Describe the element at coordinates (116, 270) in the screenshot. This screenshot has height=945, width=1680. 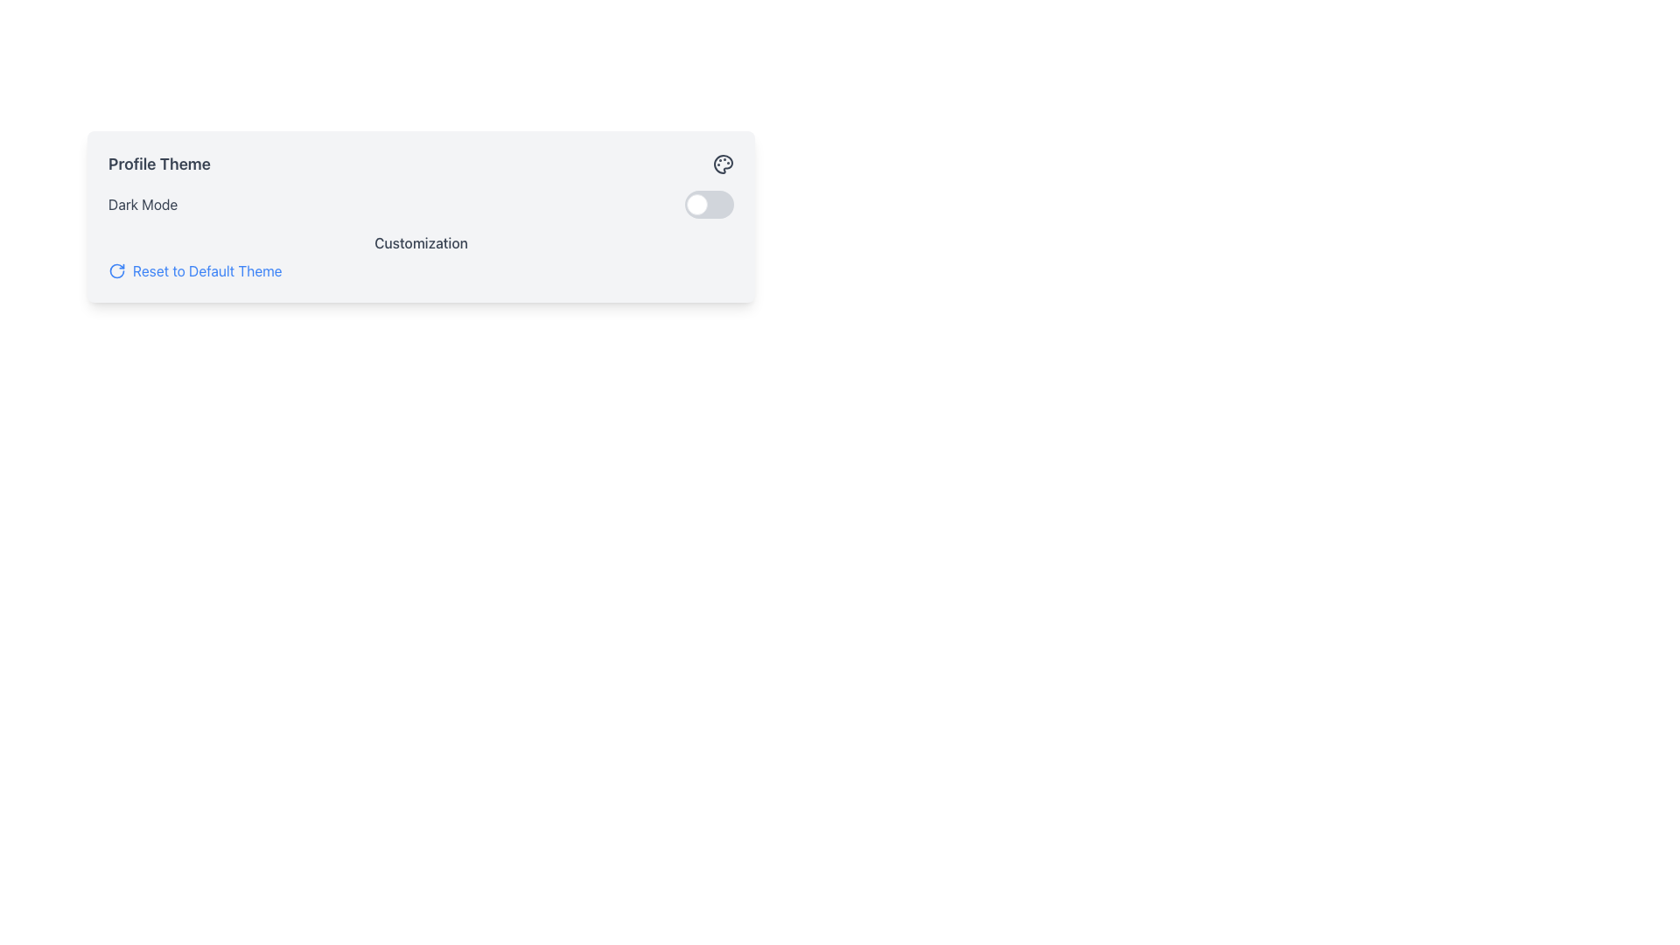
I see `the circular arrow icon located to the left of the text 'Reset to Default Theme' within the 'Profile Theme' card` at that location.